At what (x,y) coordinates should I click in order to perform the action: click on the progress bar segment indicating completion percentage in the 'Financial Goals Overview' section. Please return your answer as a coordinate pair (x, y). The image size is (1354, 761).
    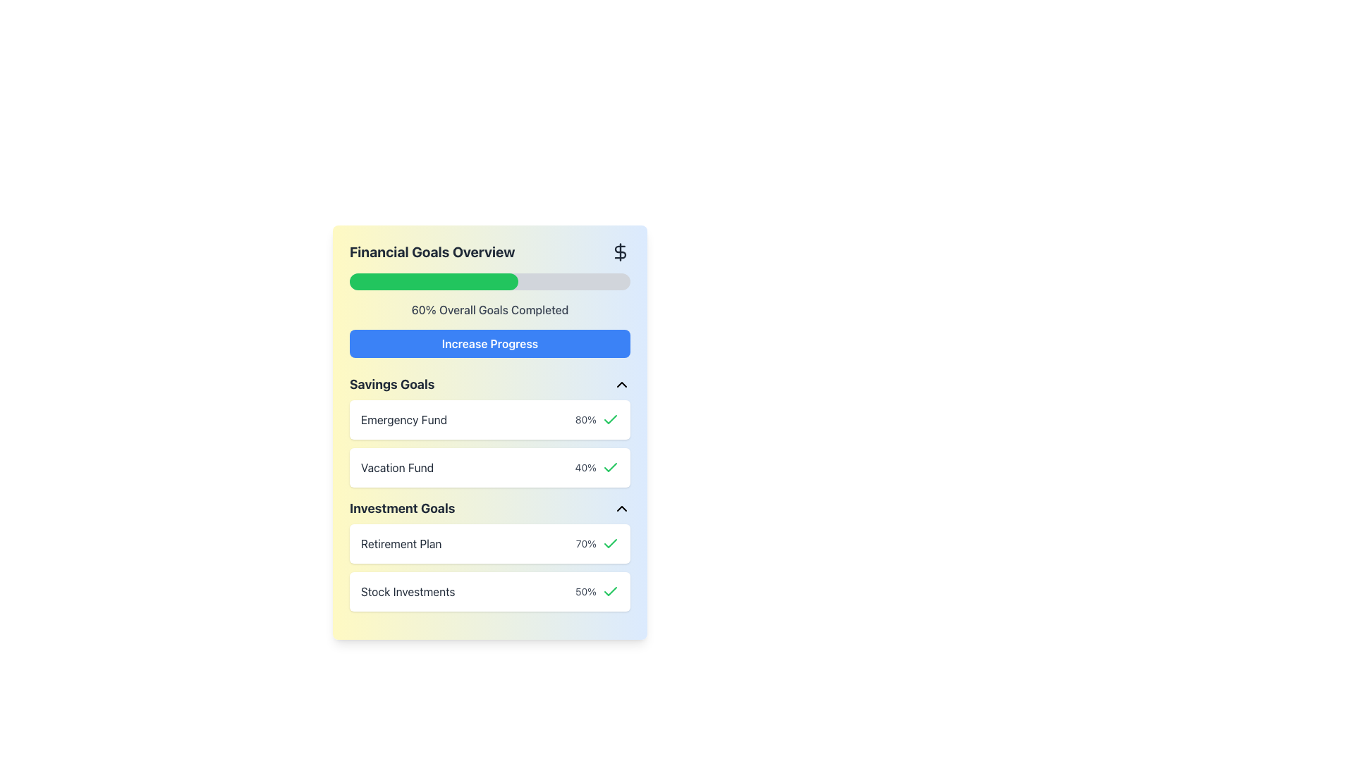
    Looking at the image, I should click on (433, 282).